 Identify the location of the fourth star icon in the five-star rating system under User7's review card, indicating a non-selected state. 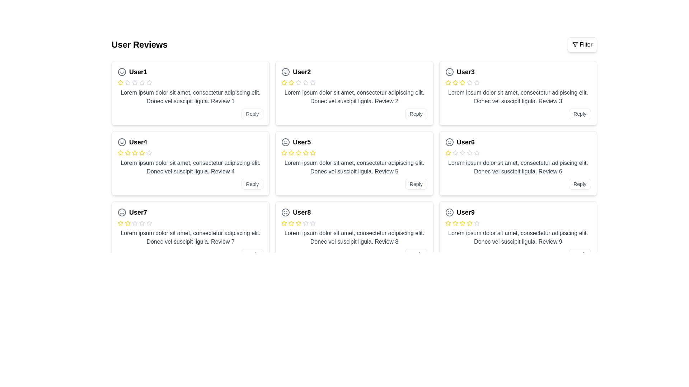
(142, 223).